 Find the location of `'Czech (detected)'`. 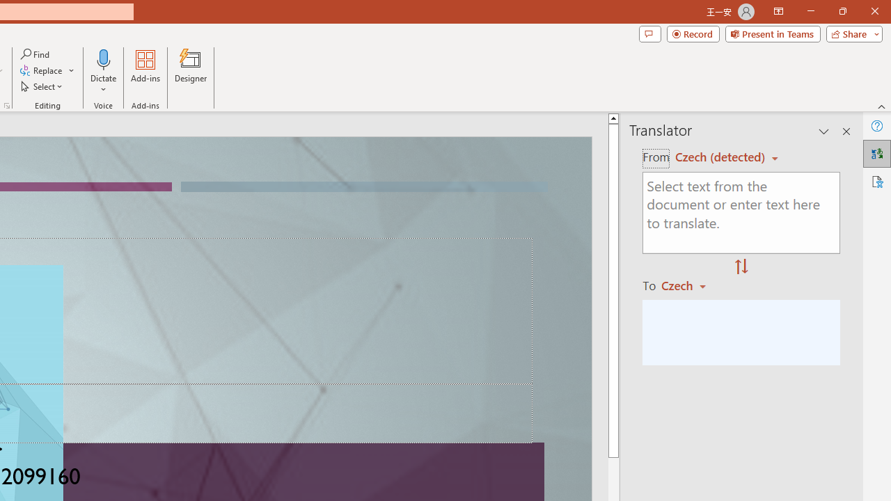

'Czech (detected)' is located at coordinates (722, 157).